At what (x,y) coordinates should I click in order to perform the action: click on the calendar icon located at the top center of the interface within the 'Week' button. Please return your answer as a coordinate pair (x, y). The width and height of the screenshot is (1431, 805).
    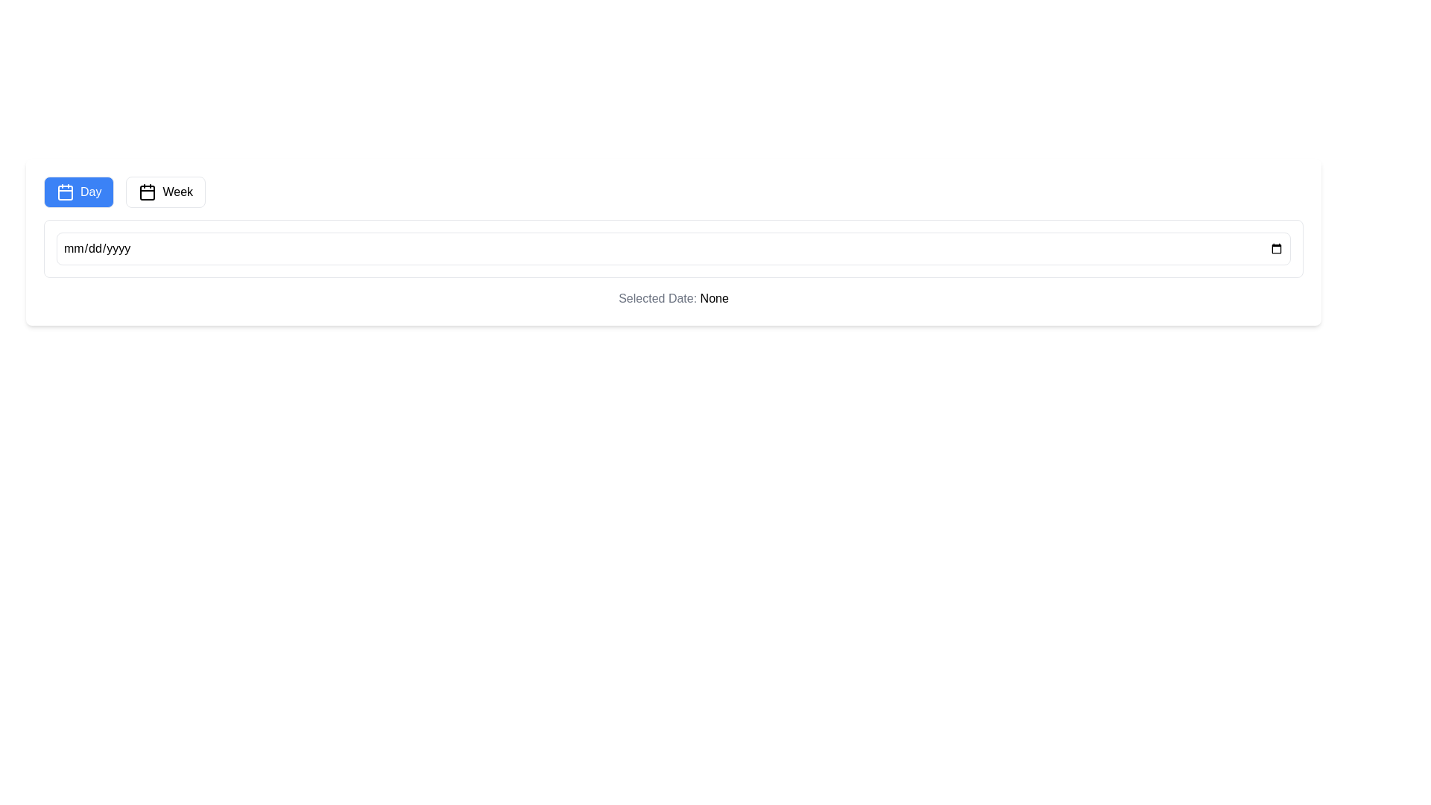
    Looking at the image, I should click on (148, 192).